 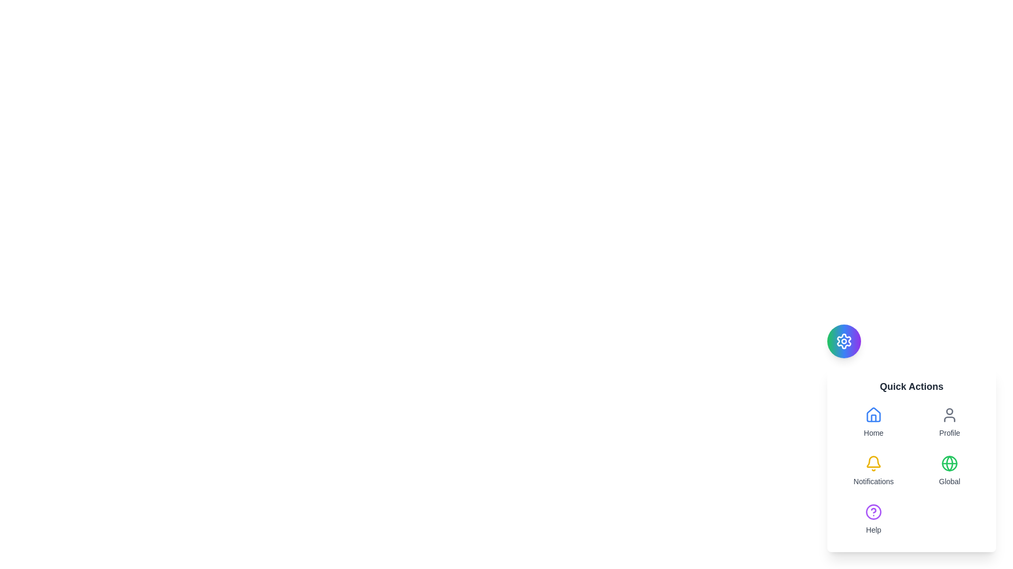 What do you see at coordinates (874, 414) in the screenshot?
I see `the 'Home' icon in the Quick Actions menu` at bounding box center [874, 414].